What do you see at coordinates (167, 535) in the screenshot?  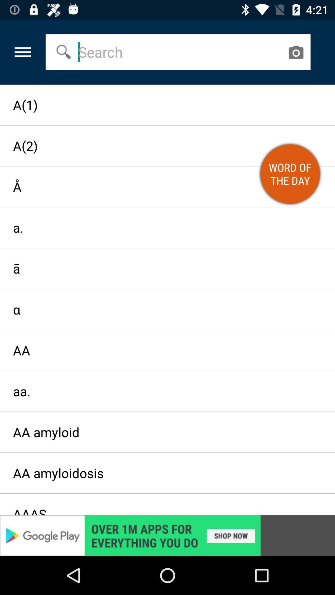 I see `click on advertisement below` at bounding box center [167, 535].